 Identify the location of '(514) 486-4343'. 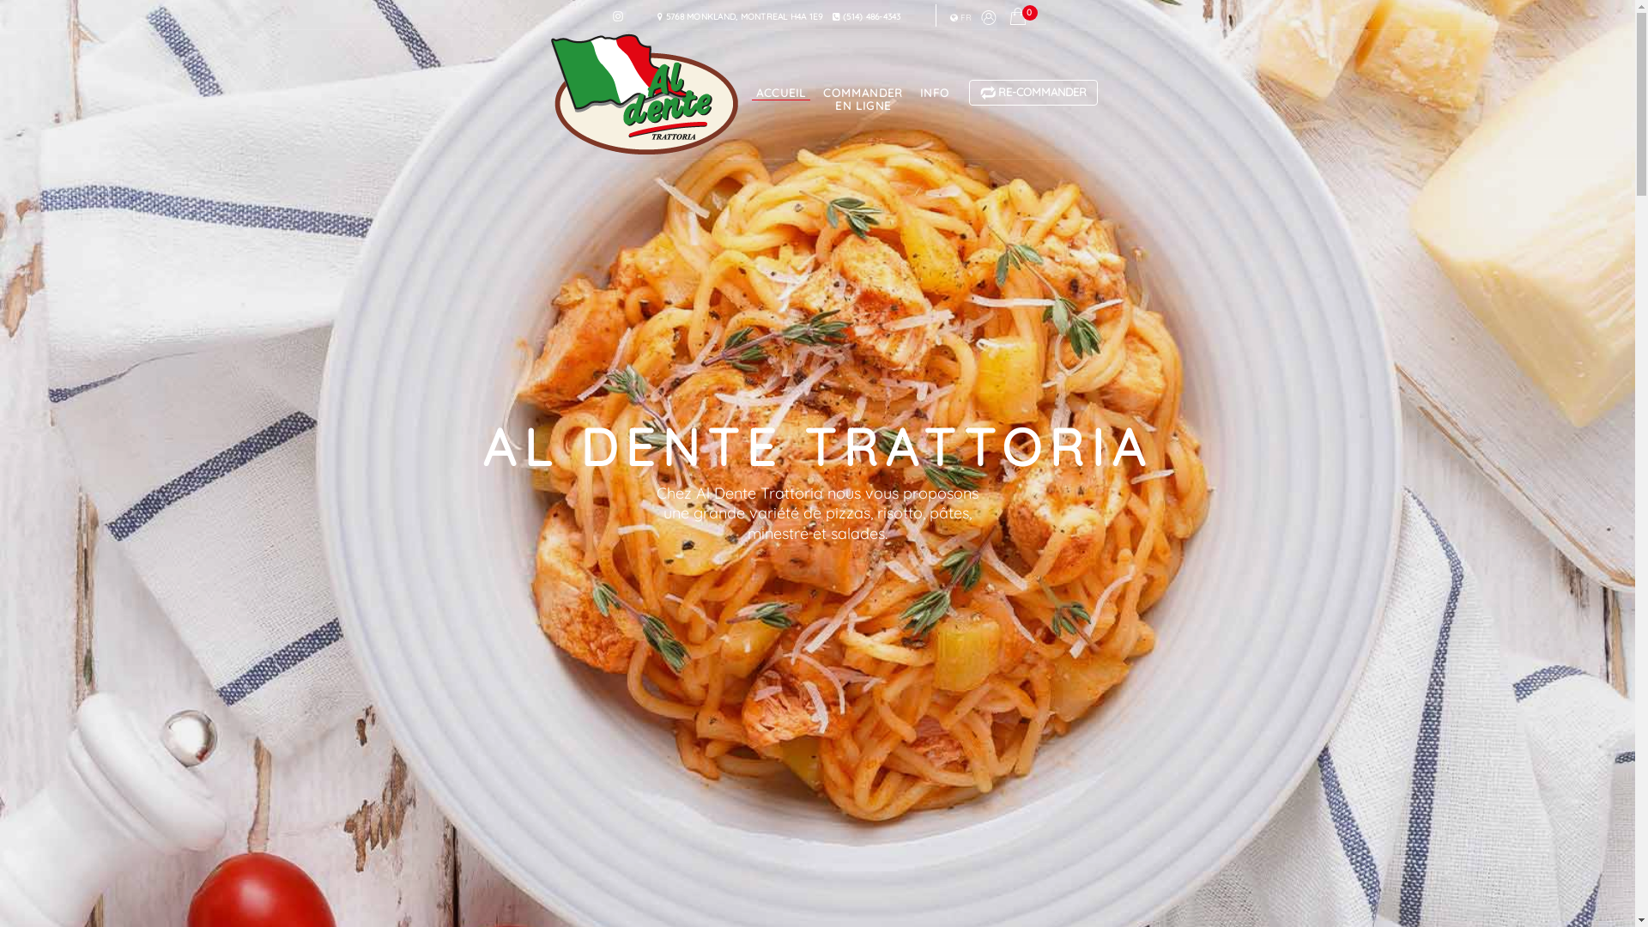
(866, 25).